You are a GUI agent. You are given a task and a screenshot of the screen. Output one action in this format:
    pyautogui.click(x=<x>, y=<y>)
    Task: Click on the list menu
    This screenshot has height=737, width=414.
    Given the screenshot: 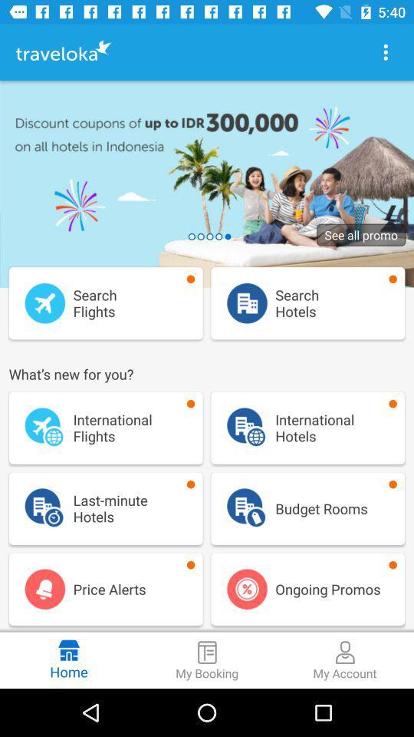 What is the action you would take?
    pyautogui.click(x=385, y=52)
    